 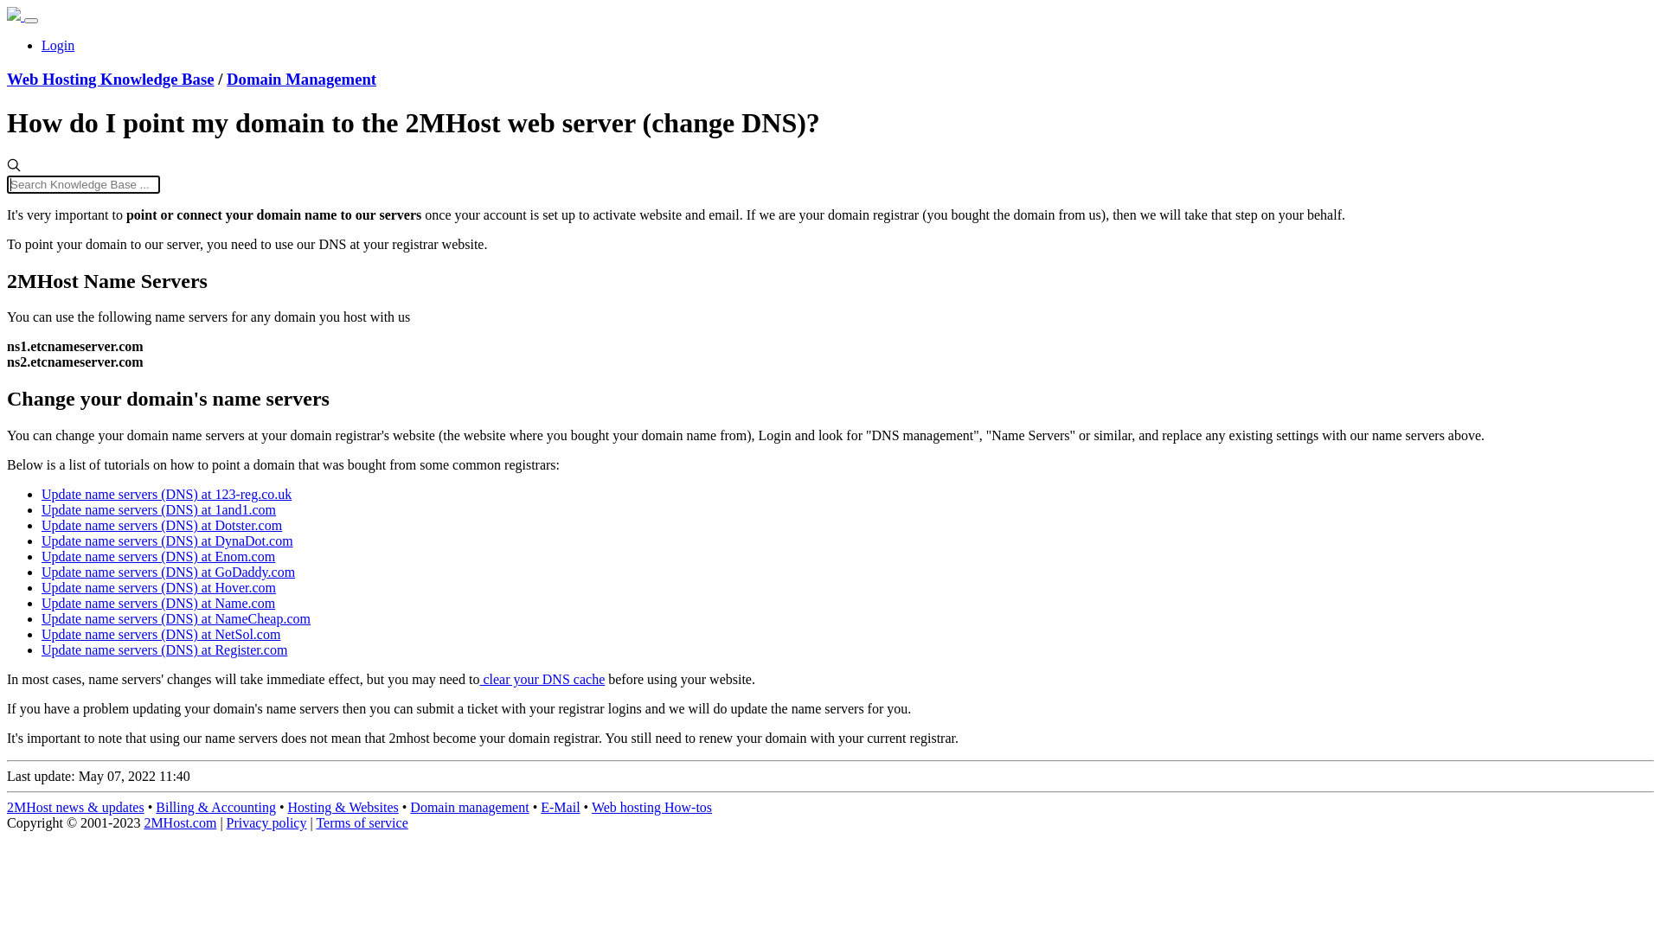 What do you see at coordinates (157, 556) in the screenshot?
I see `'Update name servers (DNS) at Enom.com'` at bounding box center [157, 556].